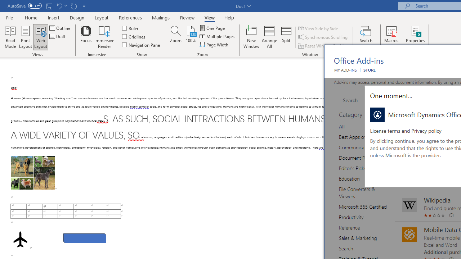 The height and width of the screenshot is (259, 461). I want to click on 'Zoom...', so click(176, 37).